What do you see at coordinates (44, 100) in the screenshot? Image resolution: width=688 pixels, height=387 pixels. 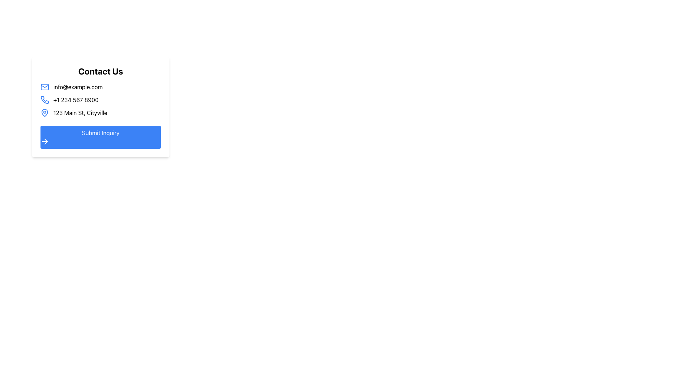 I see `the phone contact icon located in the second row of the contact information section, to the left of the phone number '+1 234 567 8900'` at bounding box center [44, 100].